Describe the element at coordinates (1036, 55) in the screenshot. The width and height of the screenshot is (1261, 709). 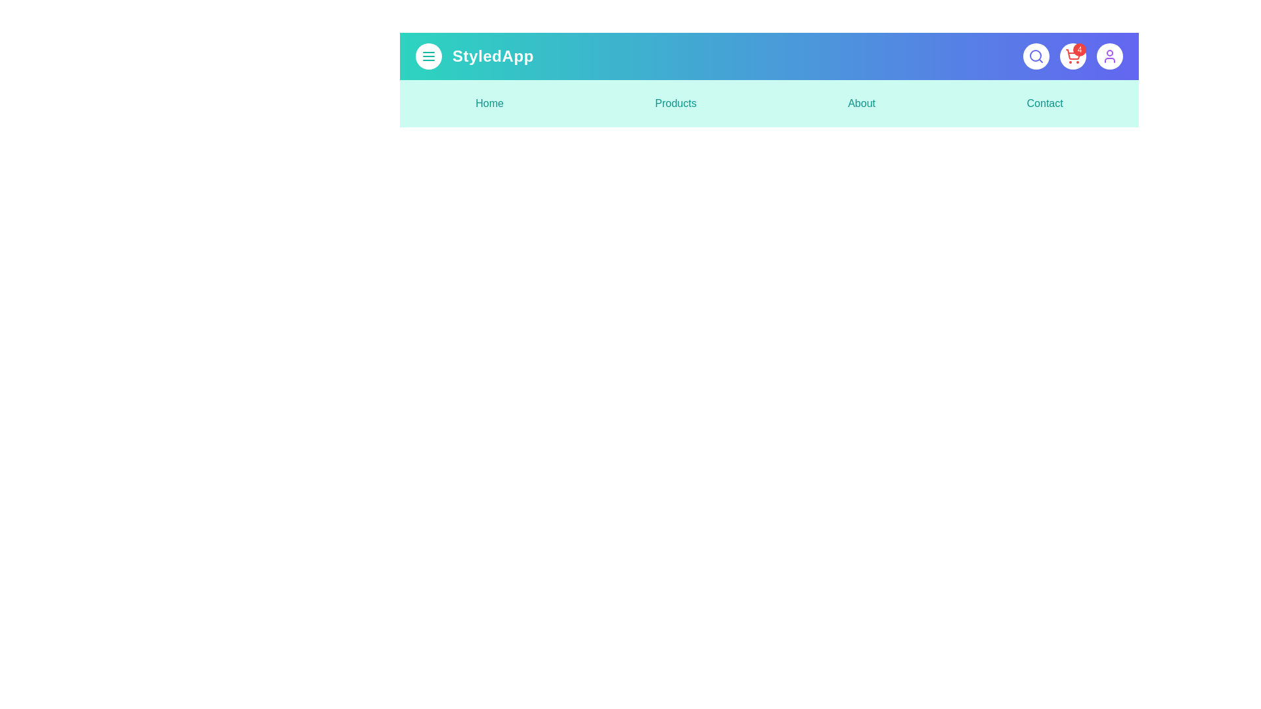
I see `the search button to initiate a search` at that location.